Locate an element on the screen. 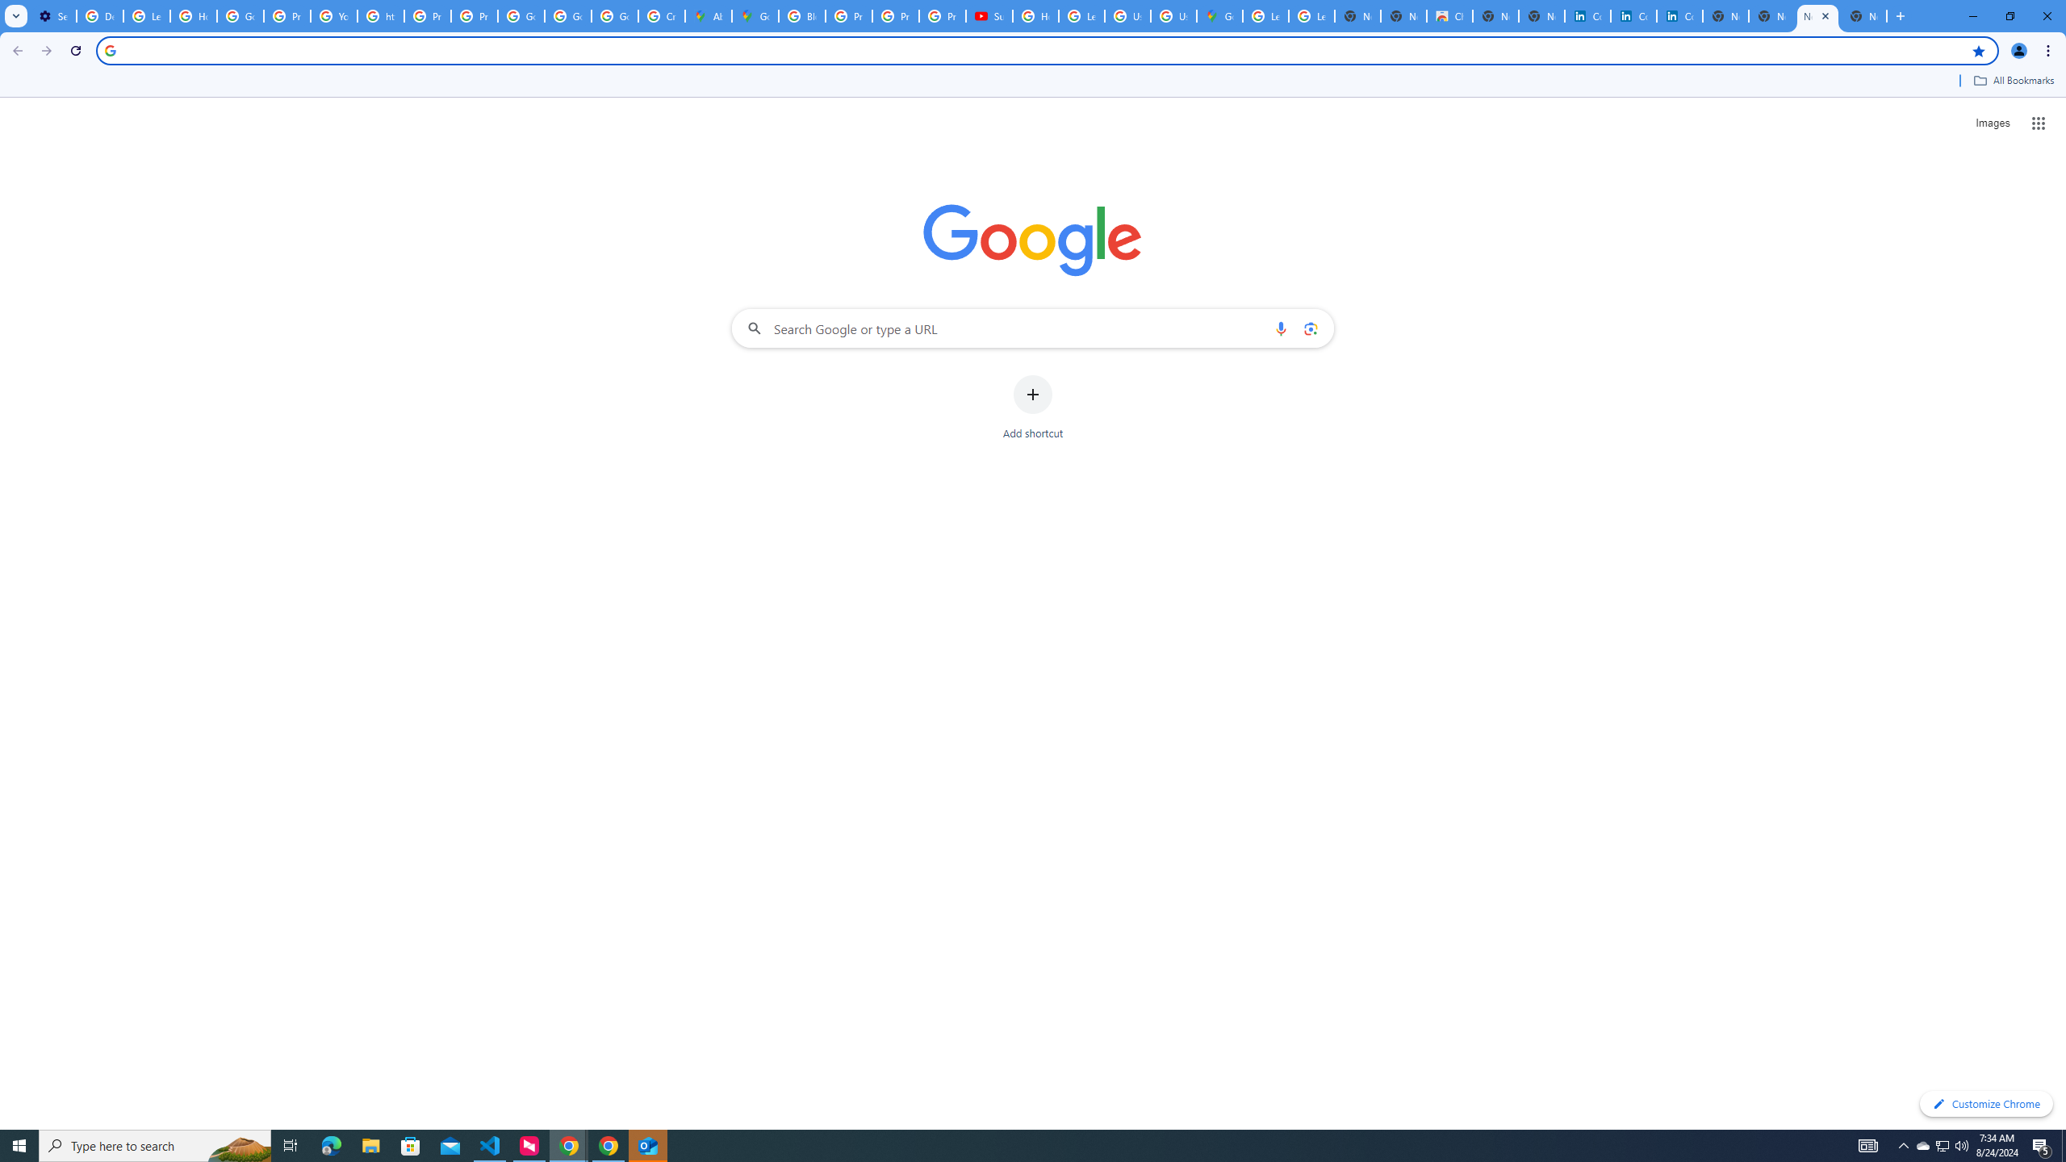  'Search tabs' is located at coordinates (15, 15).